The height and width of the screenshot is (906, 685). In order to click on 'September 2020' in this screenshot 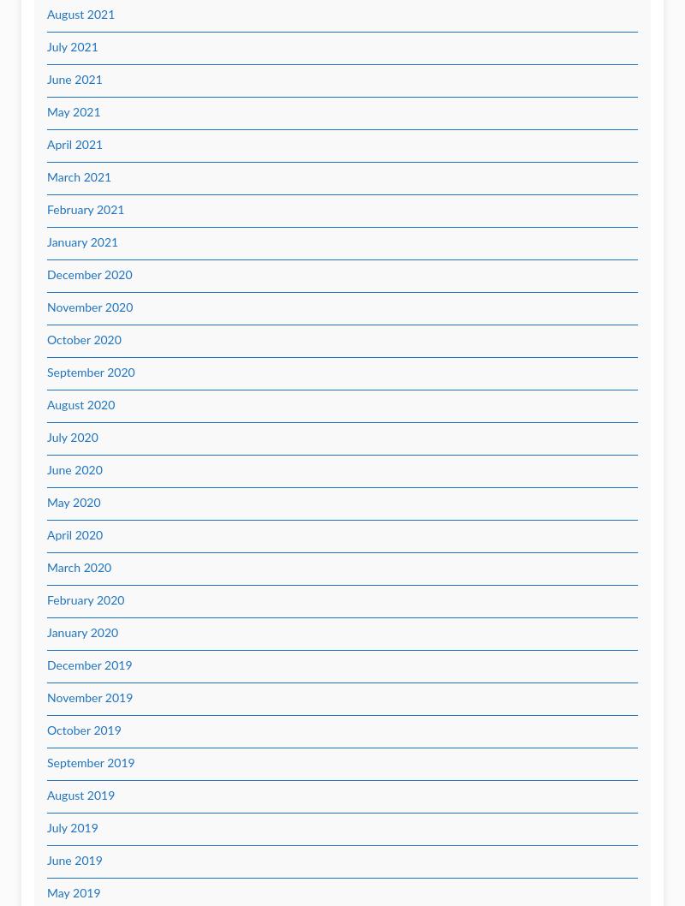, I will do `click(46, 373)`.